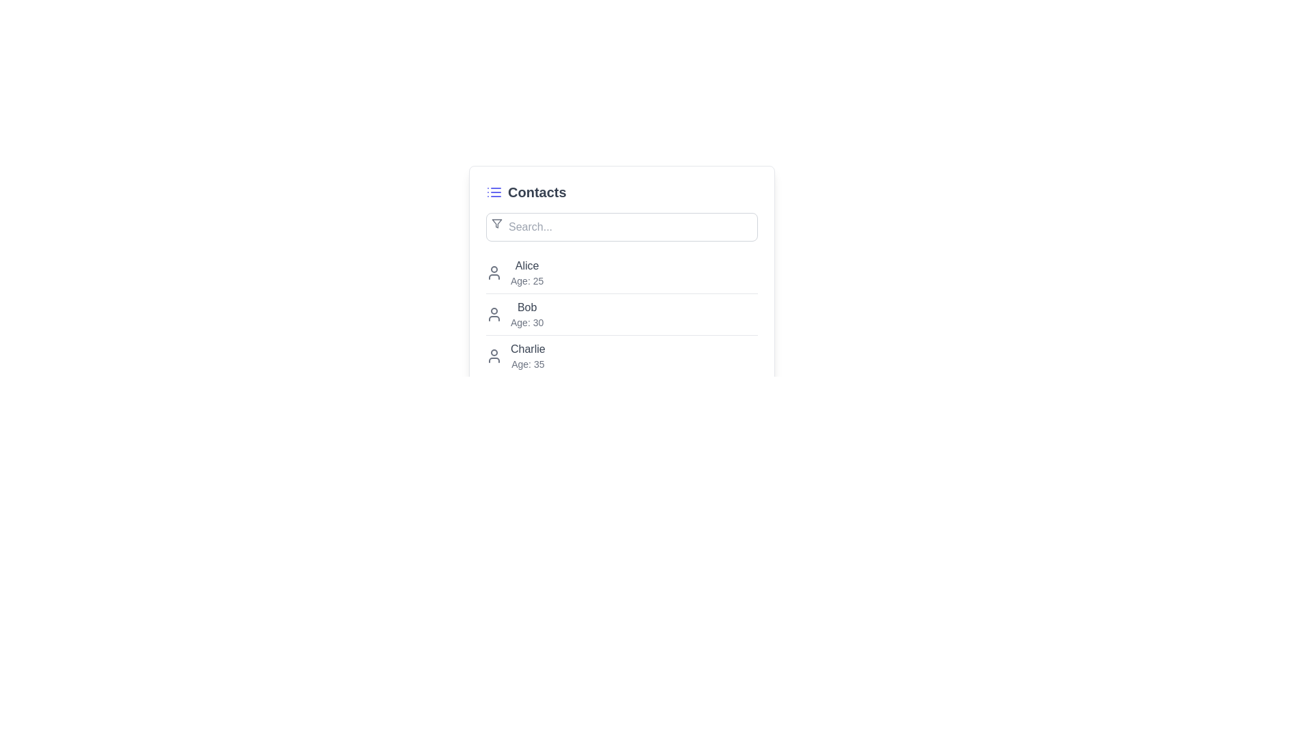  Describe the element at coordinates (526, 308) in the screenshot. I see `the text label displaying the name 'Bob' in the contacts list, which is positioned in the middle row of the list and above the age label` at that location.